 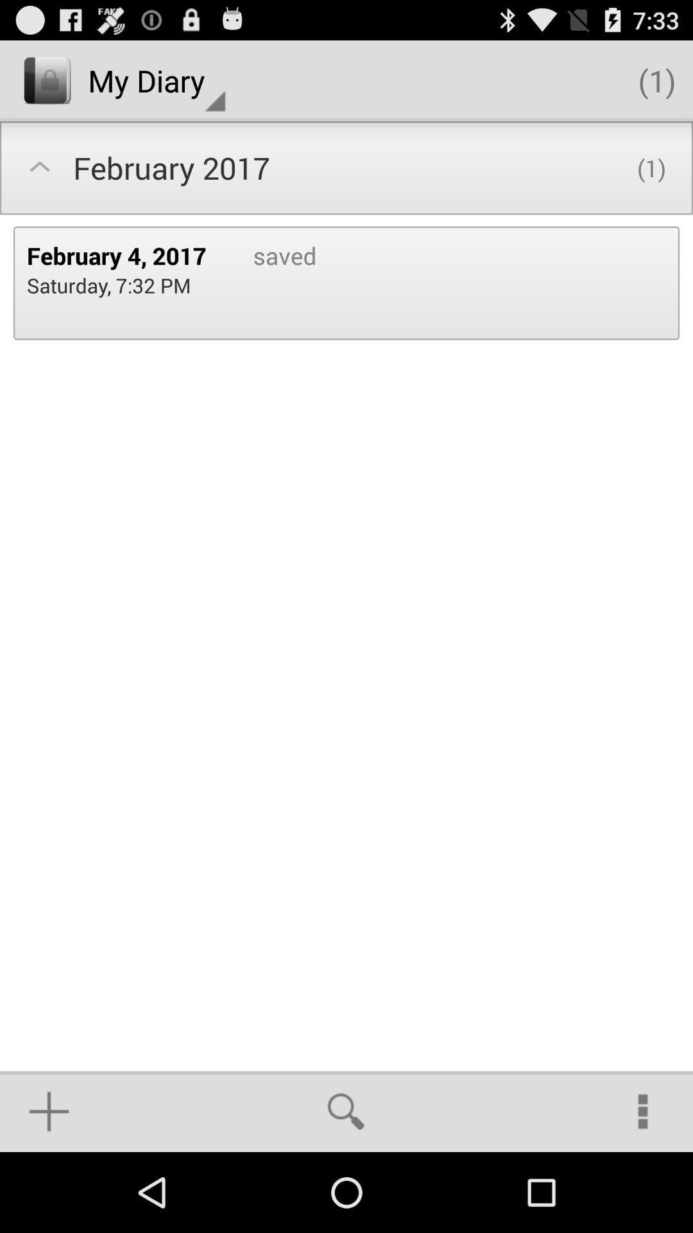 I want to click on item next to (1) icon, so click(x=156, y=80).